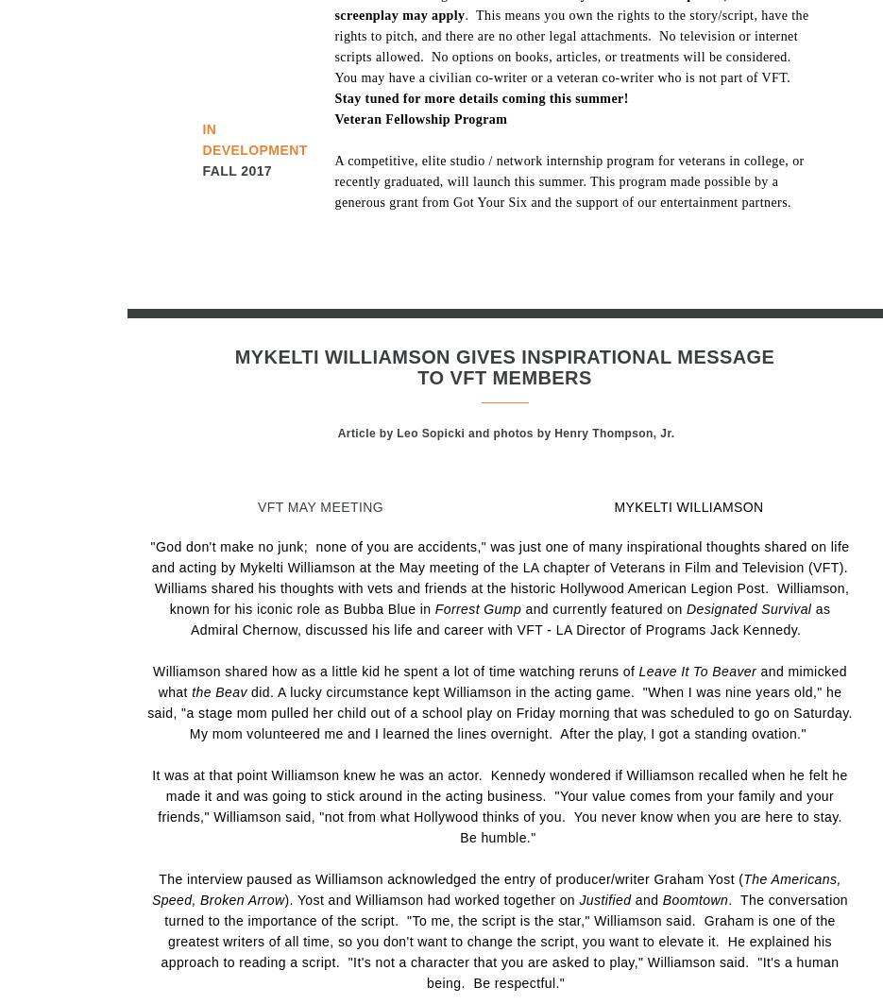 Image resolution: width=883 pixels, height=1004 pixels. I want to click on '.  The conversation turned to the importance of the script.  "To me, the script is the star," Williamson said.  Graham is one of the greatest writers of all time, so you don't want to change the script, you want to elevate it.  He explained his approach to reading a script.  "It's not a character that you are asked to play," Williamson said.  "It's a human being.  Be respectful."', so click(160, 940).